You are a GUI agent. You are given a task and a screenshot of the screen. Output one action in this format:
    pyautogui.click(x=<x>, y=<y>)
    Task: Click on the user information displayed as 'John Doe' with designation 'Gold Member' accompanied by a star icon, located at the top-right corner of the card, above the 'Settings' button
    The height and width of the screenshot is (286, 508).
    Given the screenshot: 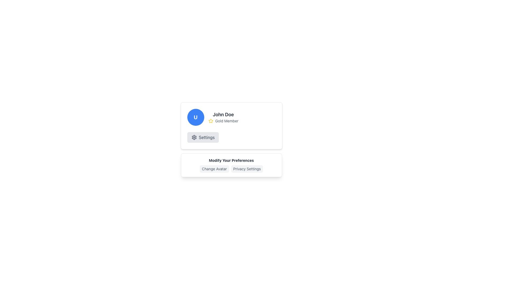 What is the action you would take?
    pyautogui.click(x=223, y=117)
    